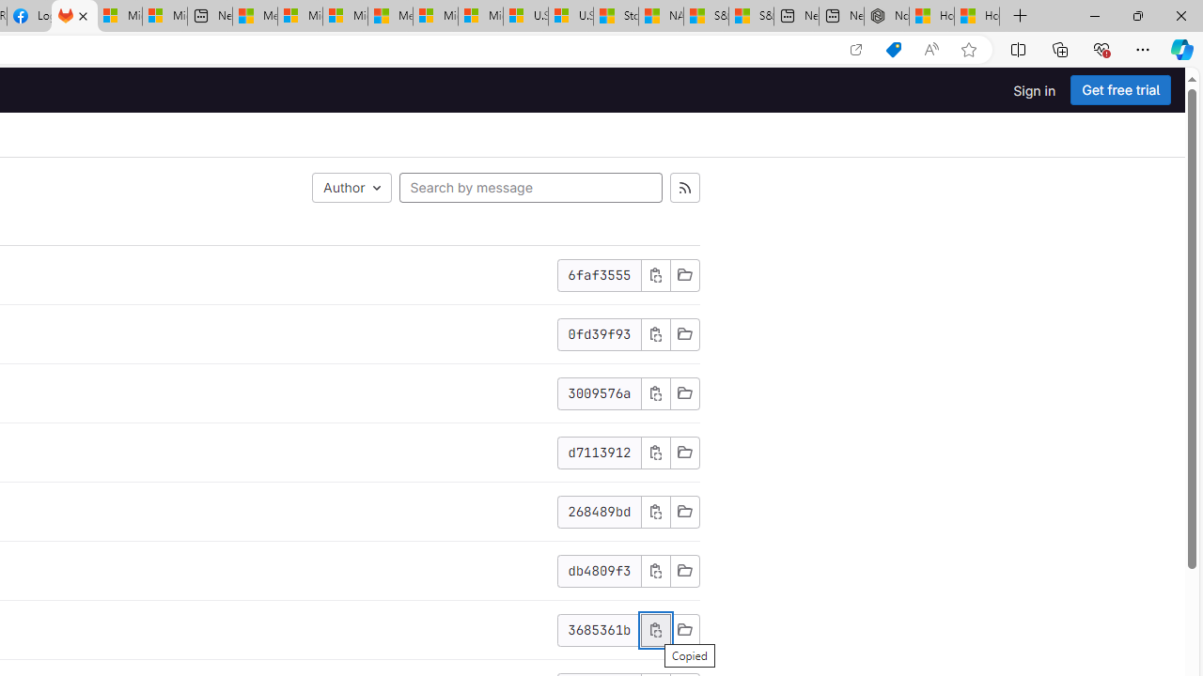 This screenshot has height=676, width=1203. Describe the element at coordinates (683, 188) in the screenshot. I see `'Commits feed'` at that location.